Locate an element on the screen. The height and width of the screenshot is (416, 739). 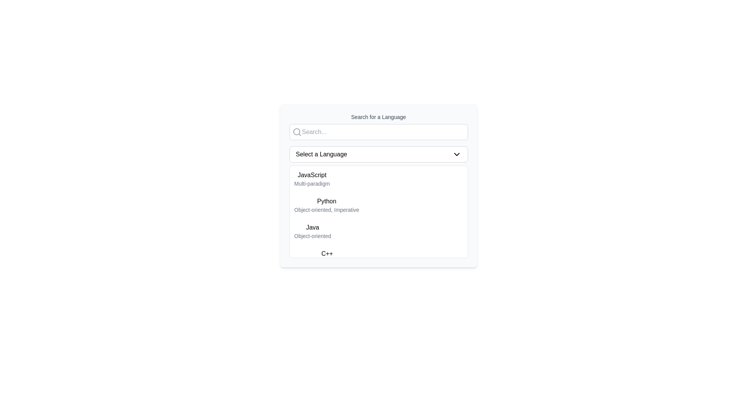
text element displaying 'Multi-paradigm' which is a secondary descriptor under the 'JavaScript' heading in the dropdown list is located at coordinates (312, 184).